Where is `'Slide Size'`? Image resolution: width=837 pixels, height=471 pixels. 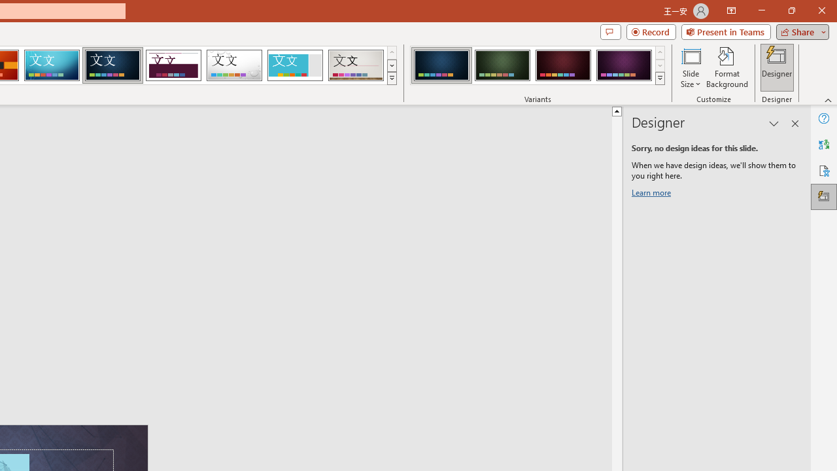 'Slide Size' is located at coordinates (690, 67).